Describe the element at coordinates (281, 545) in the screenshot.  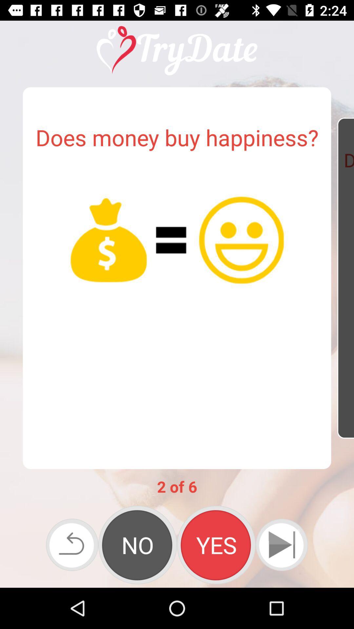
I see `the skip_next icon` at that location.